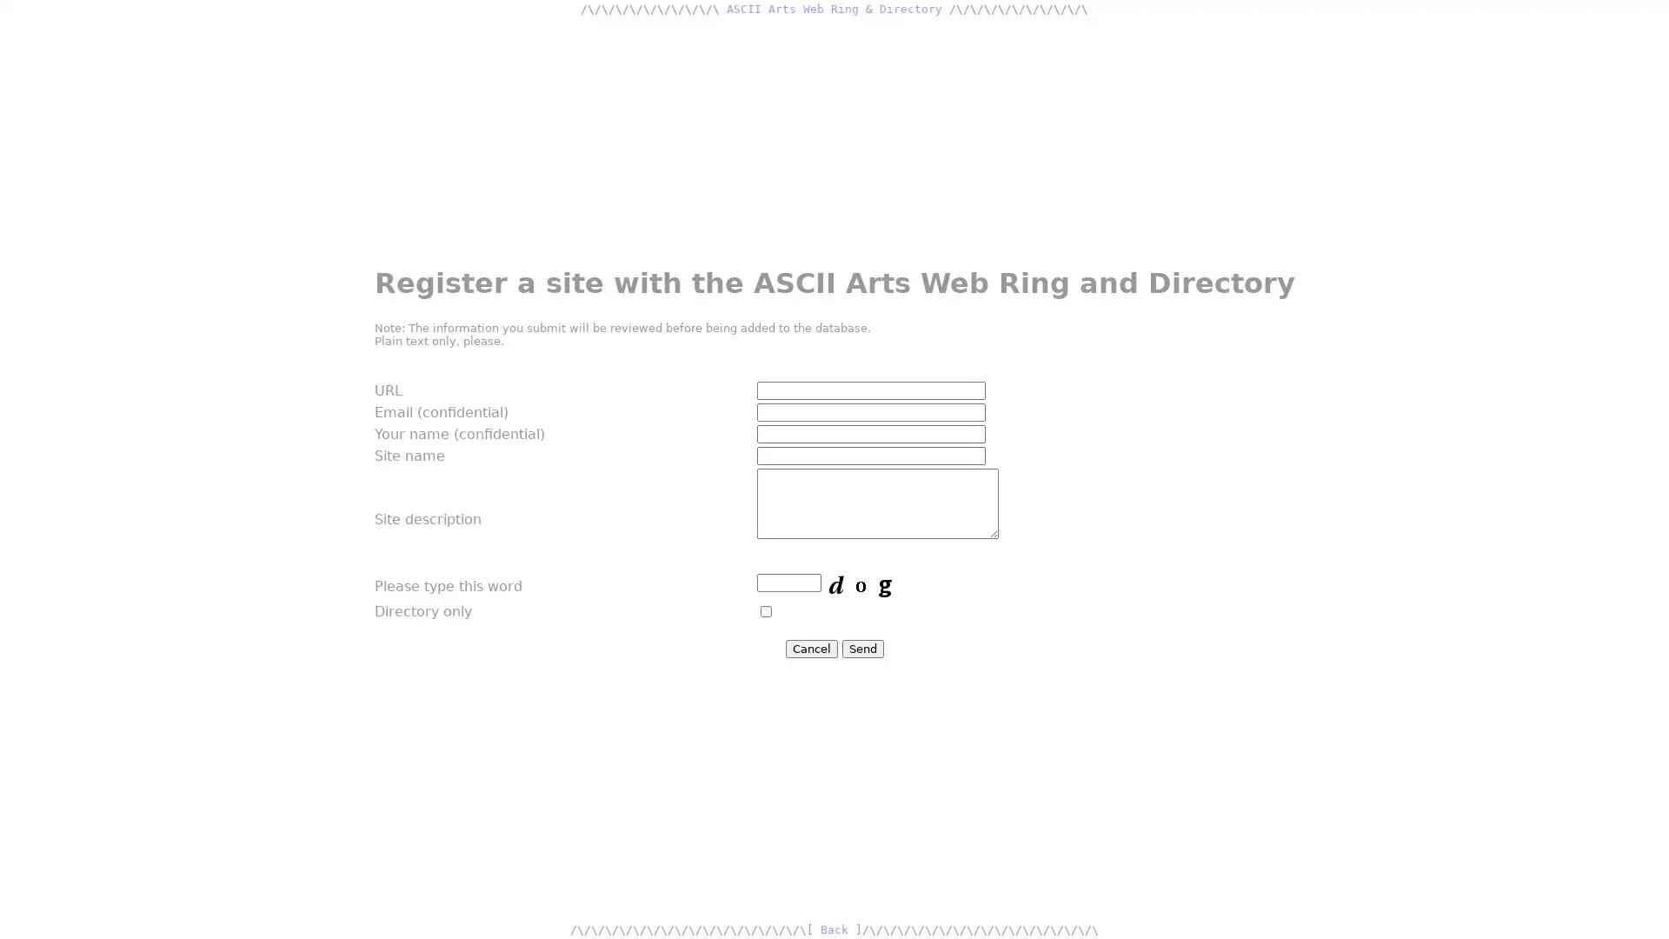 The height and width of the screenshot is (939, 1669). What do you see at coordinates (862, 649) in the screenshot?
I see `Send` at bounding box center [862, 649].